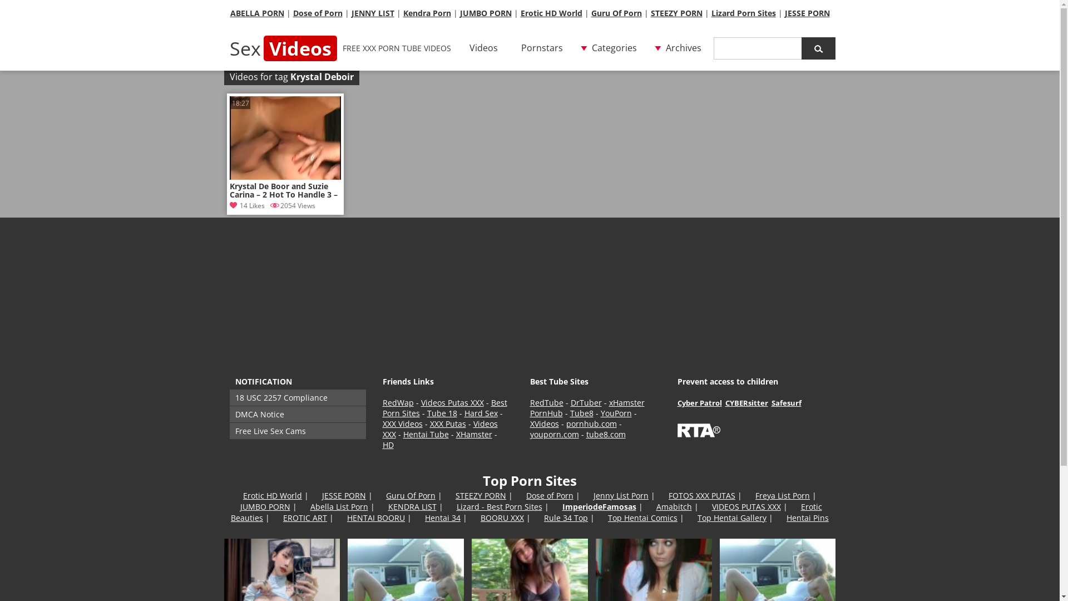 This screenshot has width=1068, height=601. Describe the element at coordinates (782, 495) in the screenshot. I see `'Freya List Porn'` at that location.